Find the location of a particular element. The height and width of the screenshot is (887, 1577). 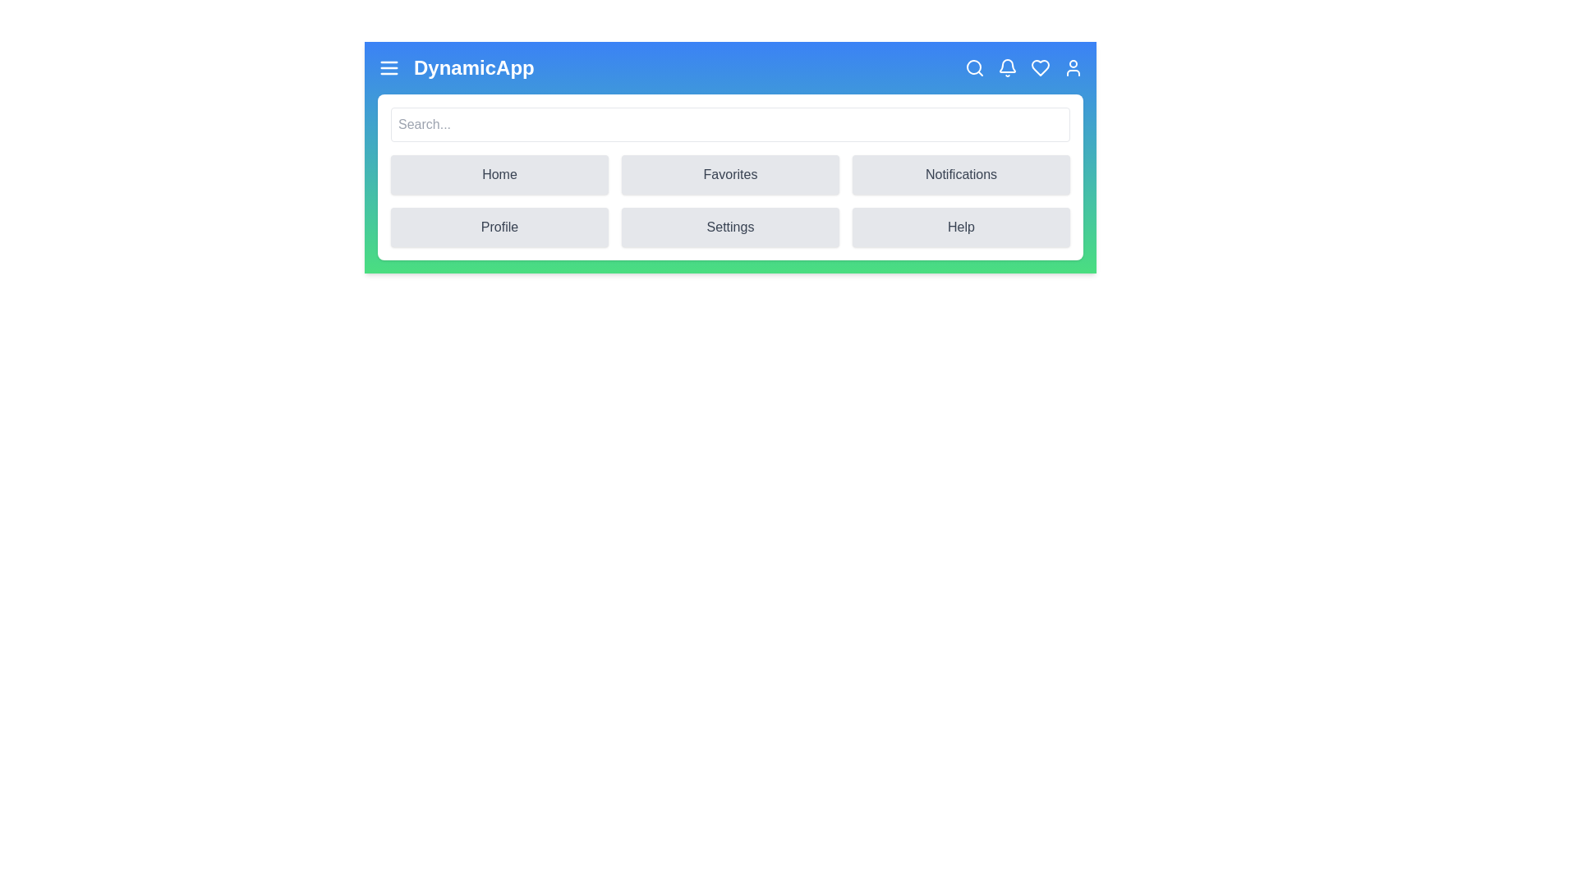

the Home button in the menu is located at coordinates (499, 174).